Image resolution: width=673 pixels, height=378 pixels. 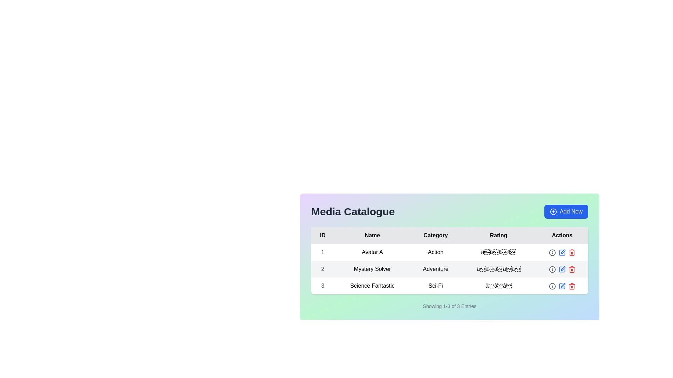 What do you see at coordinates (552, 269) in the screenshot?
I see `the graphical circle component representing informational content in the 'Actions' column of the table for the 'Sci-Fi' category` at bounding box center [552, 269].